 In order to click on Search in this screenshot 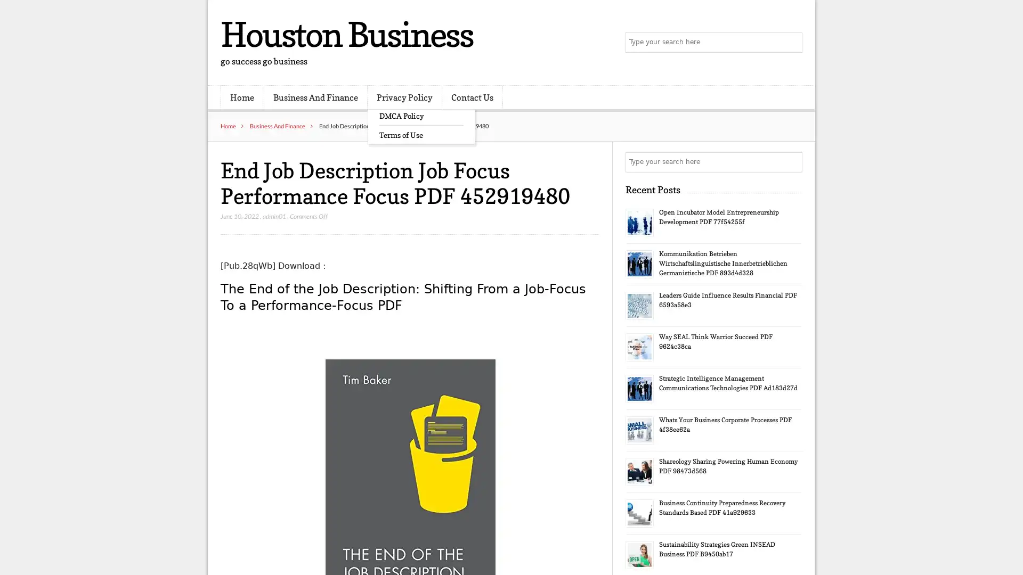, I will do `click(791, 43)`.